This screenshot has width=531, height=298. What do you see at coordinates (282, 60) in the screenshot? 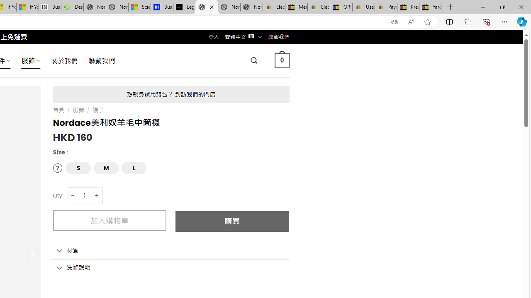
I see `'  0  '` at bounding box center [282, 60].